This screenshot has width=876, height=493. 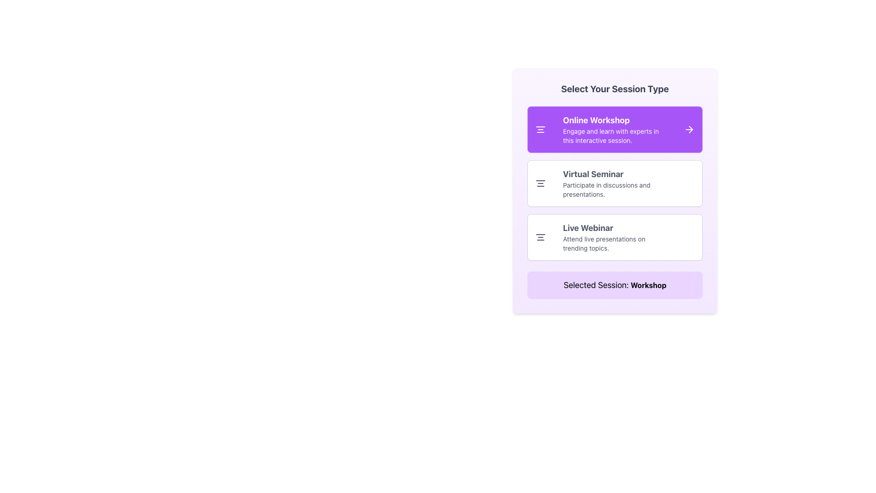 I want to click on the descriptive text block that provides additional information about the 'Live Webinar' session, positioned below the title 'Live Webinar' and centered horizontally within the card, so click(x=615, y=243).